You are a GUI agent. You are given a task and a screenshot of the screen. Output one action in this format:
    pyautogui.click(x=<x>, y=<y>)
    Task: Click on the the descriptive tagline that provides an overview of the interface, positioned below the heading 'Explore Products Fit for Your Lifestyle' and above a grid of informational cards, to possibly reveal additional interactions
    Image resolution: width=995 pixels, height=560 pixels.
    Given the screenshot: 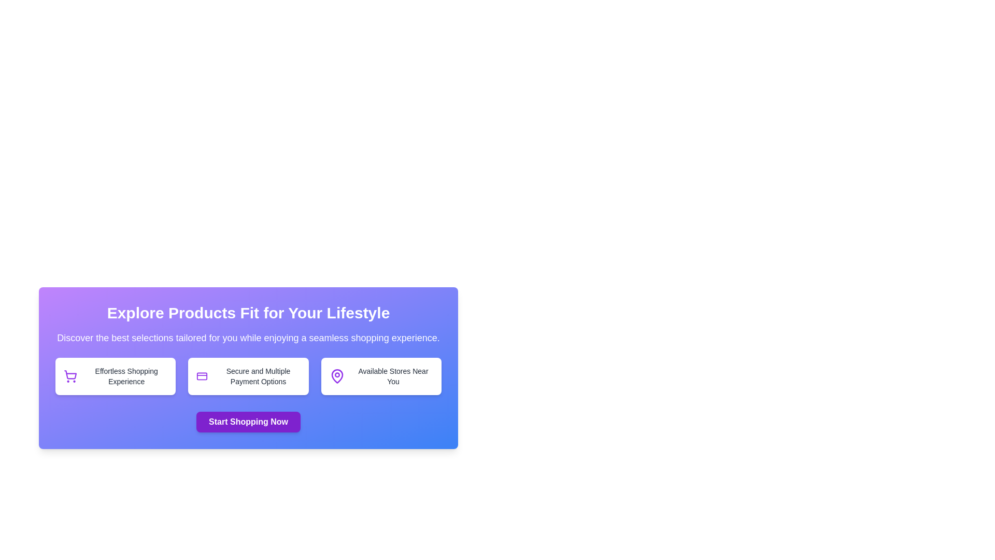 What is the action you would take?
    pyautogui.click(x=248, y=338)
    